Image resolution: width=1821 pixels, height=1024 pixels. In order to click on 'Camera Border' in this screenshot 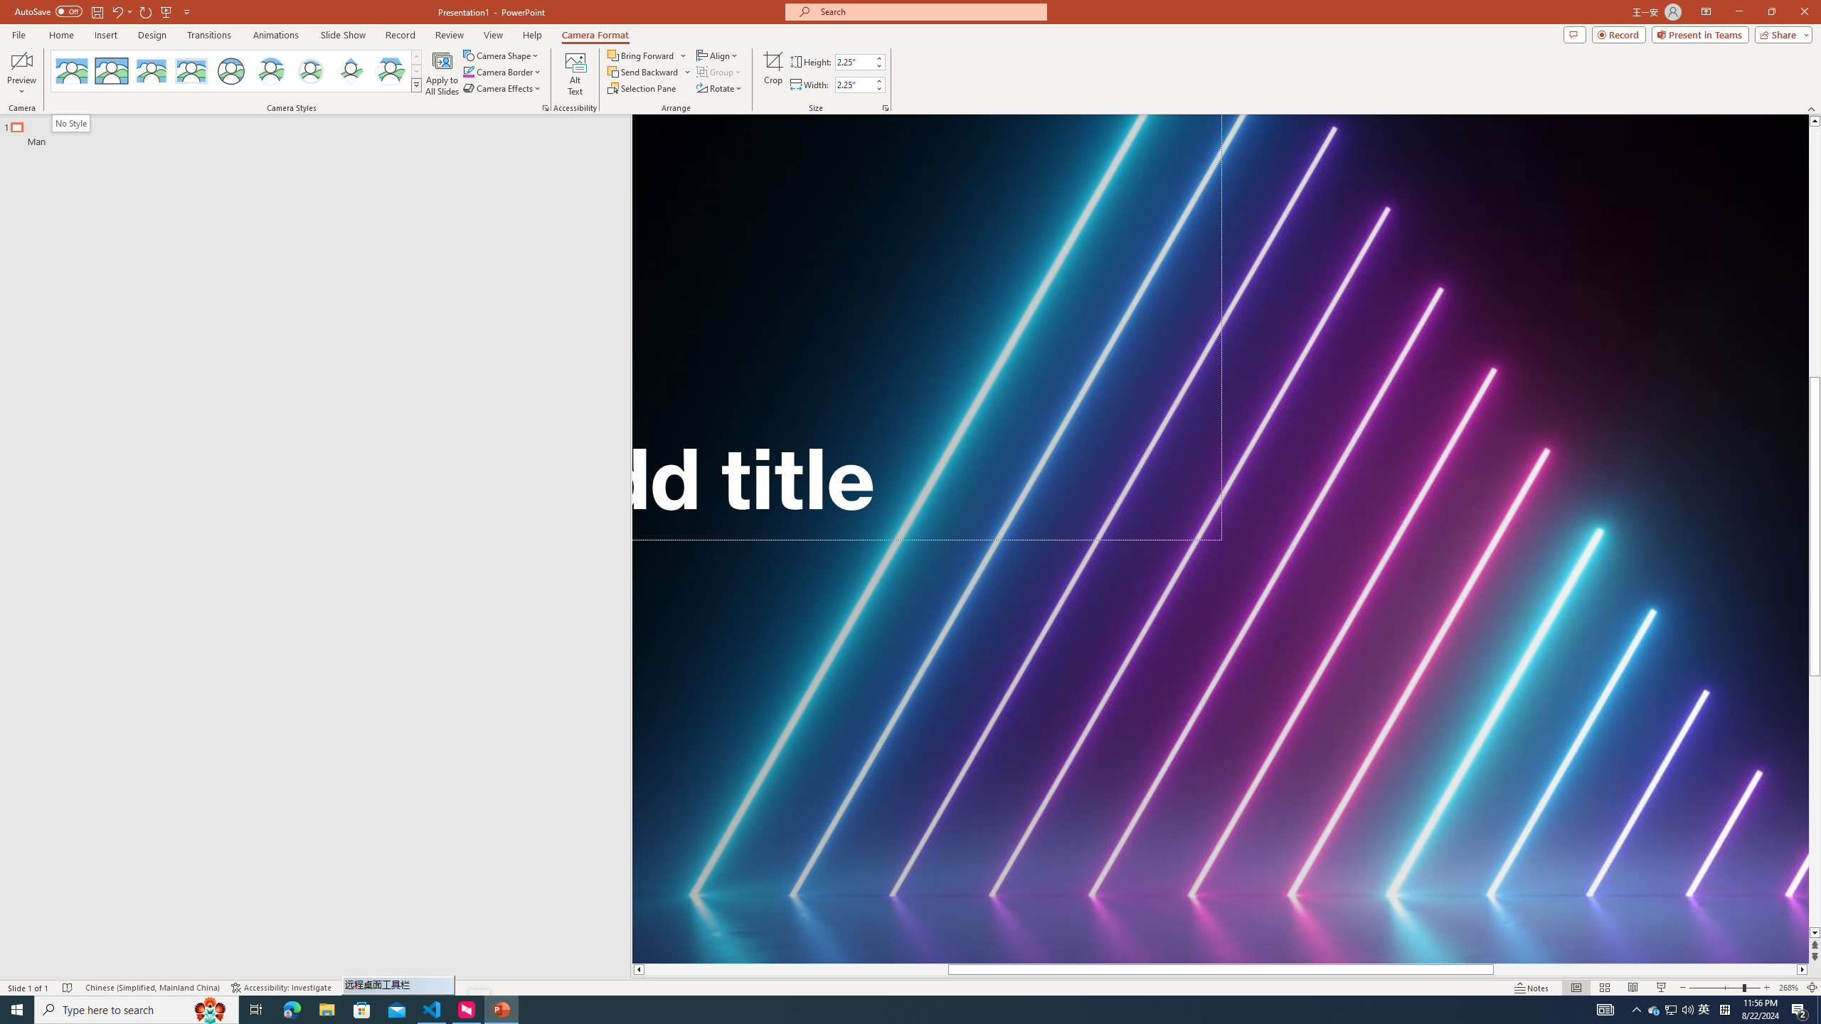, I will do `click(501, 70)`.